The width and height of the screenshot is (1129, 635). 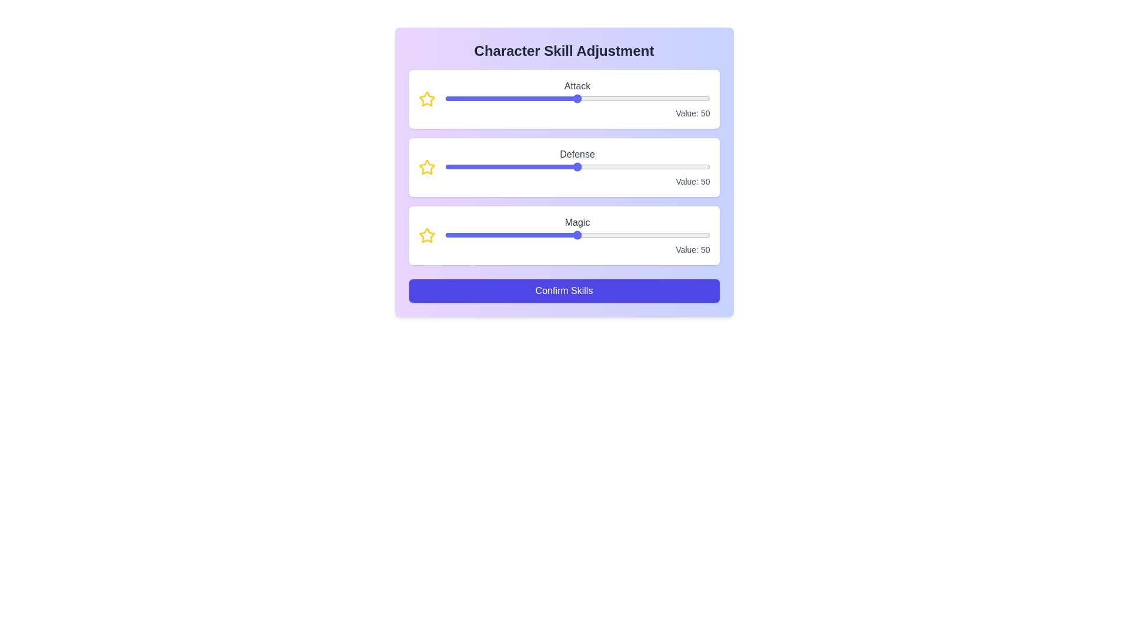 I want to click on the 0 slider to 23, so click(x=607, y=98).